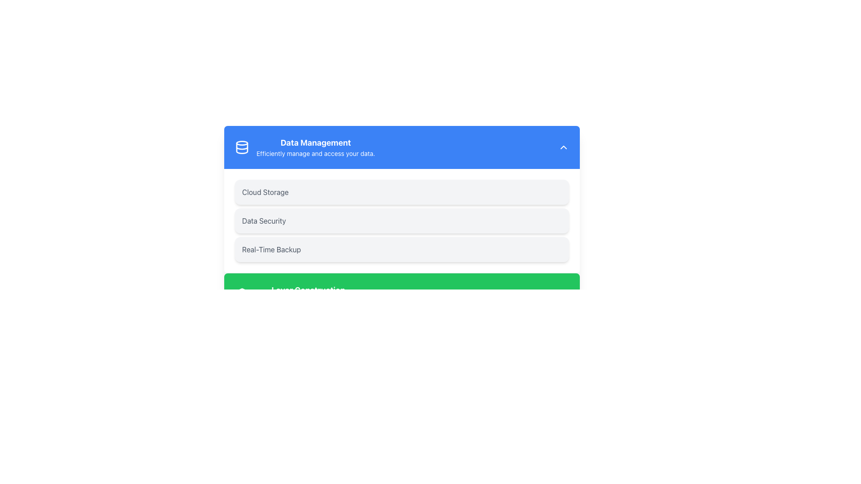 This screenshot has width=861, height=484. Describe the element at coordinates (242, 295) in the screenshot. I see `the layered icon in the left section of the green header bar, positioned before the text 'Layer Construction'` at that location.